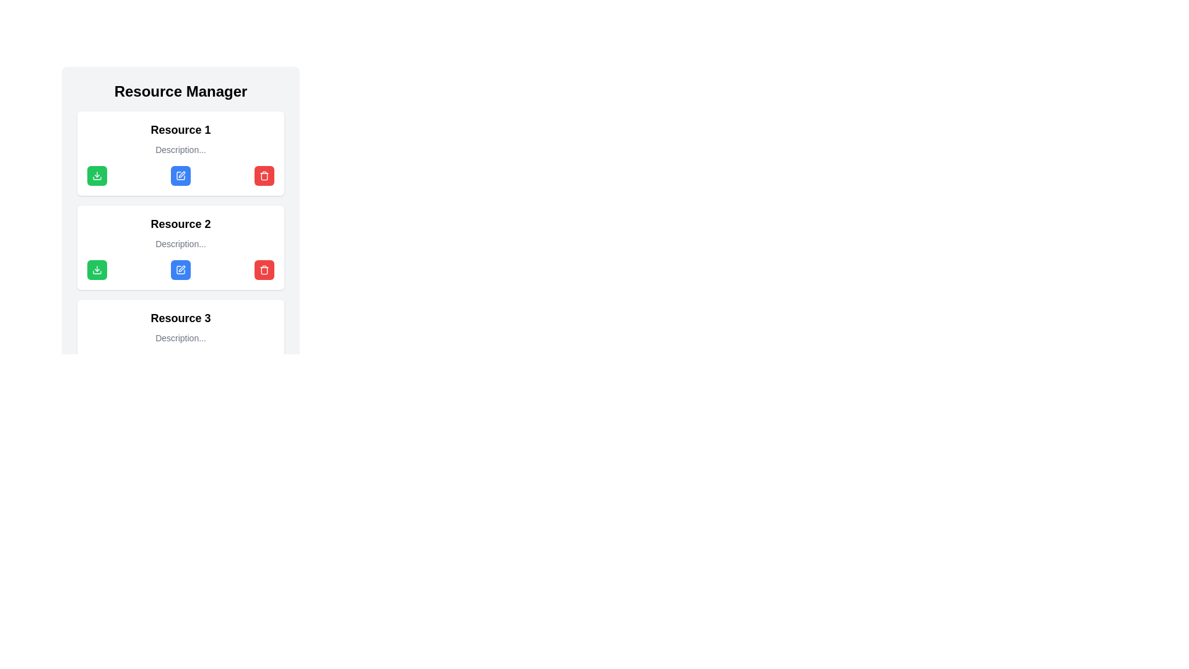  Describe the element at coordinates (264, 269) in the screenshot. I see `the Trash Icon Button located to the far right of the action row for 'Resource 2' to initiate a delete action` at that location.